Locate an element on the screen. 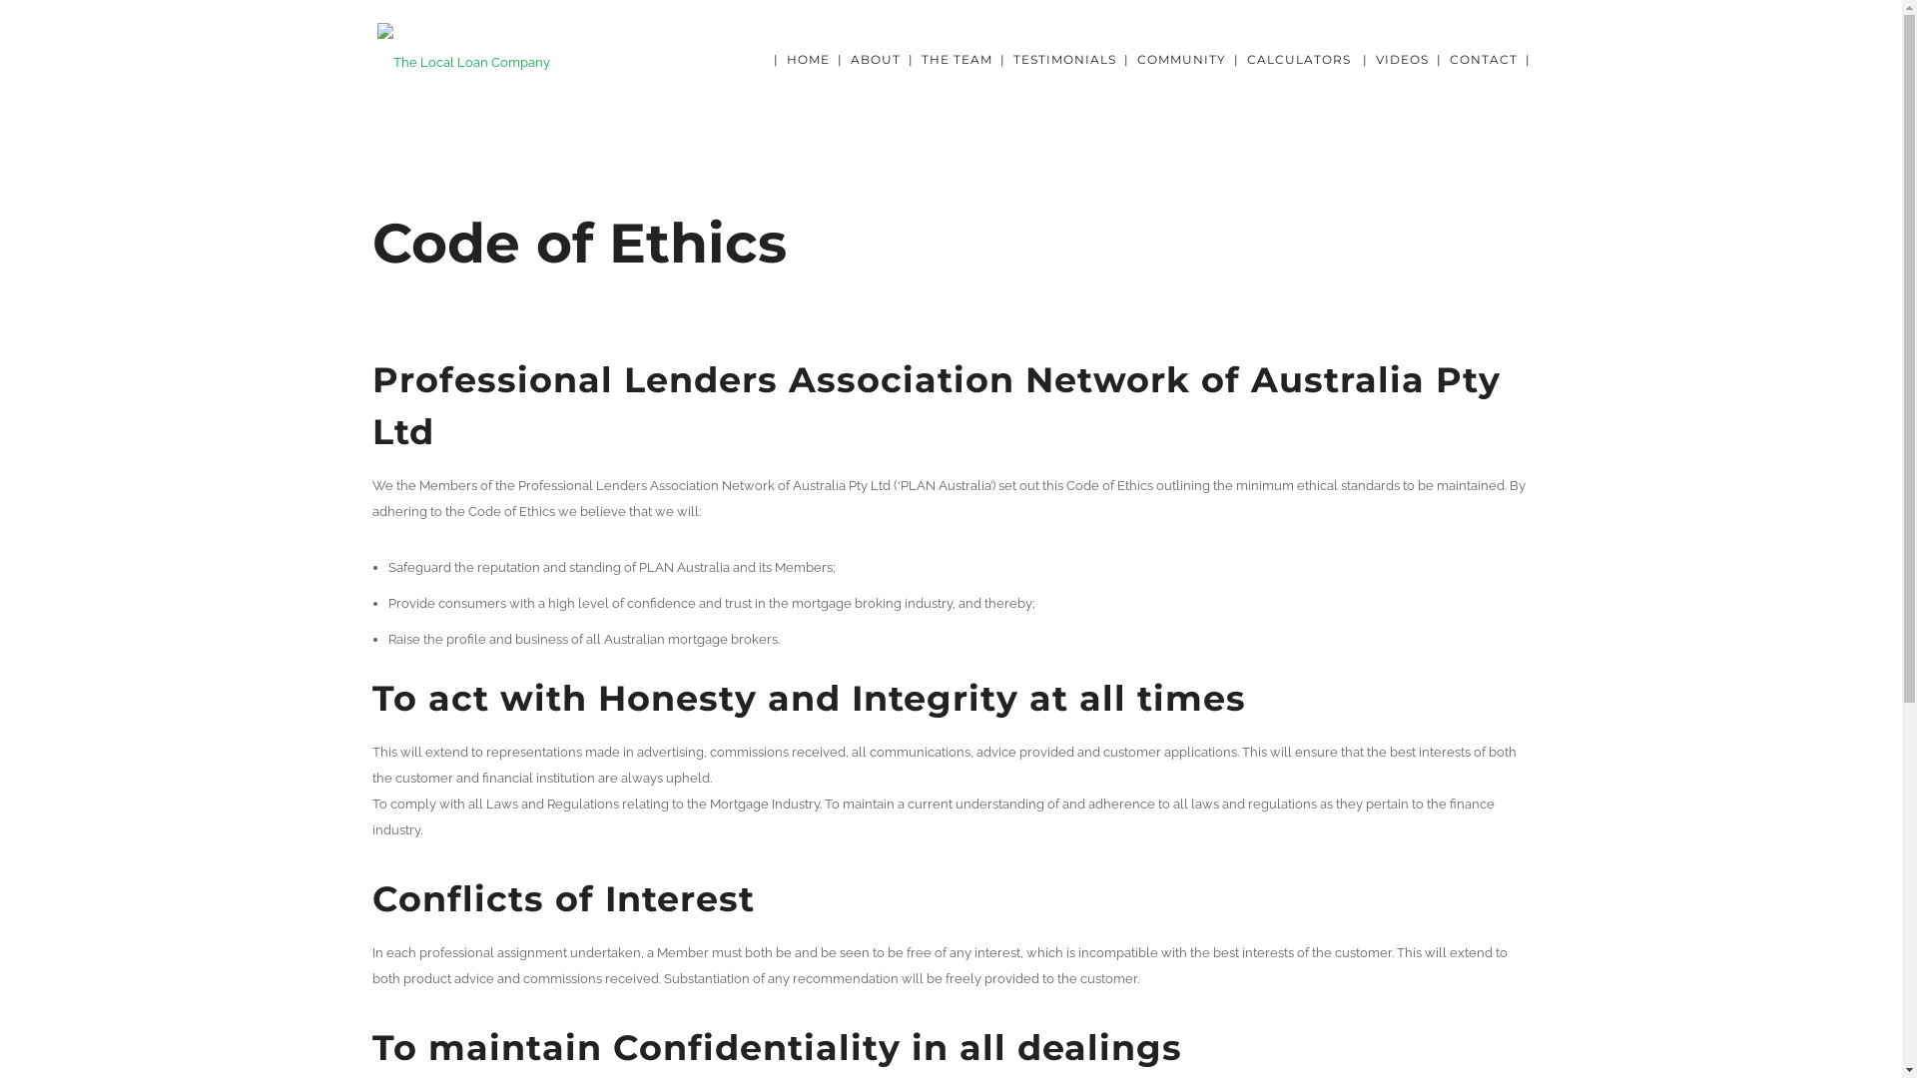  'CONTACT' is located at coordinates (1484, 58).